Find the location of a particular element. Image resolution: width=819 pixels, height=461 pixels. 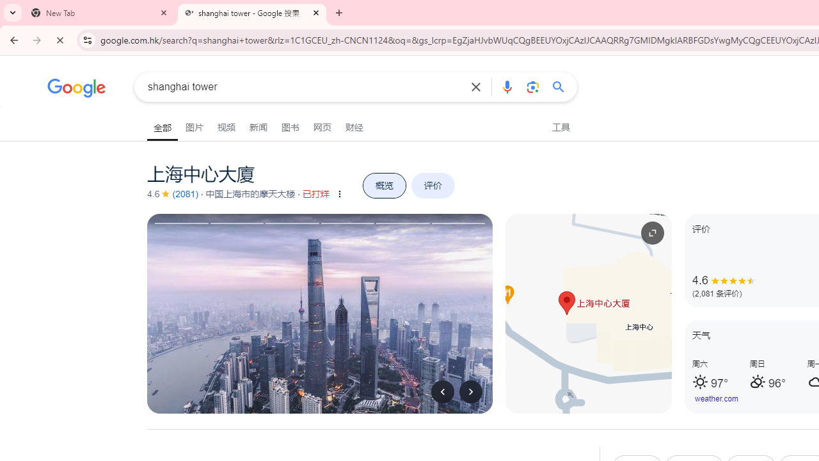

'Google' is located at coordinates (76, 88).